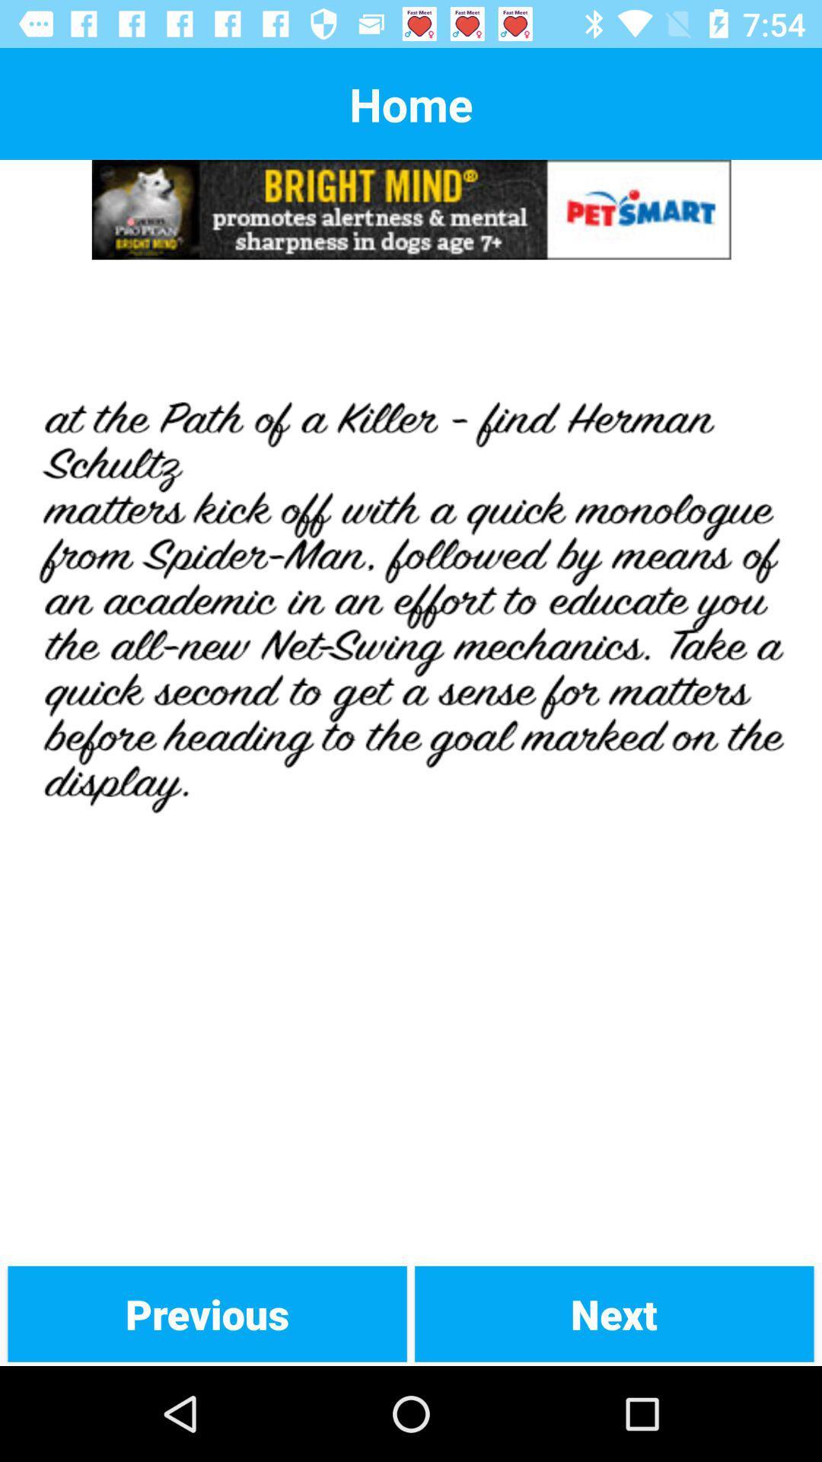  Describe the element at coordinates (411, 761) in the screenshot. I see `full page` at that location.